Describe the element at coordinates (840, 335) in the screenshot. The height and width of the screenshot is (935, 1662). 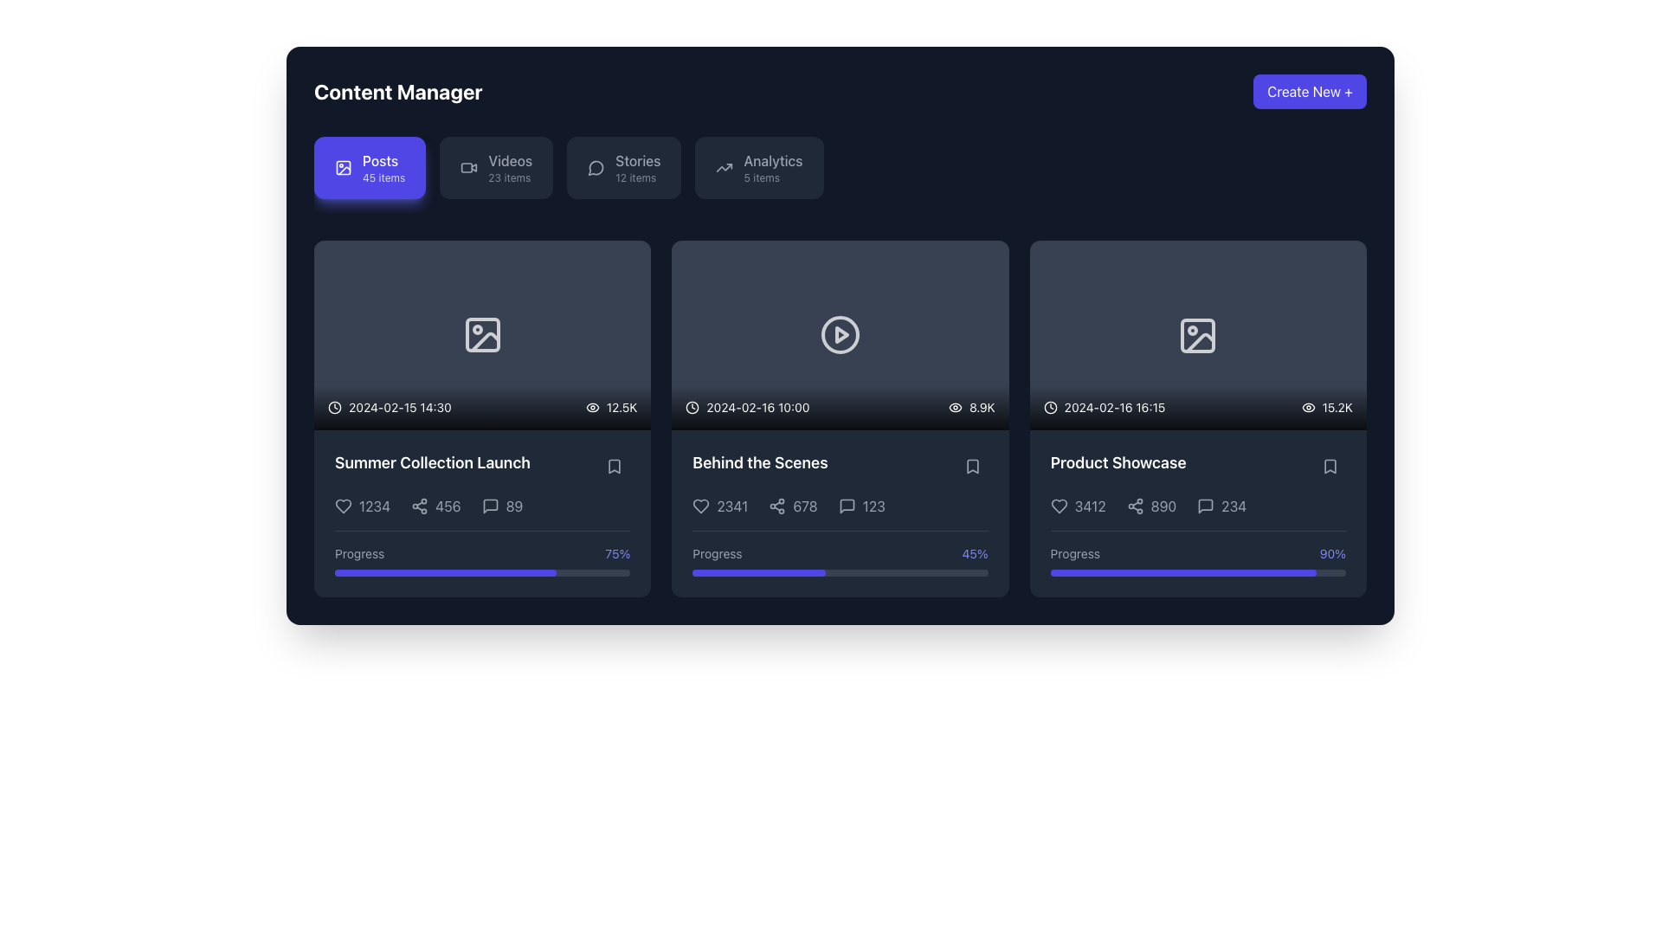
I see `the top section of the second video thumbnail card` at that location.